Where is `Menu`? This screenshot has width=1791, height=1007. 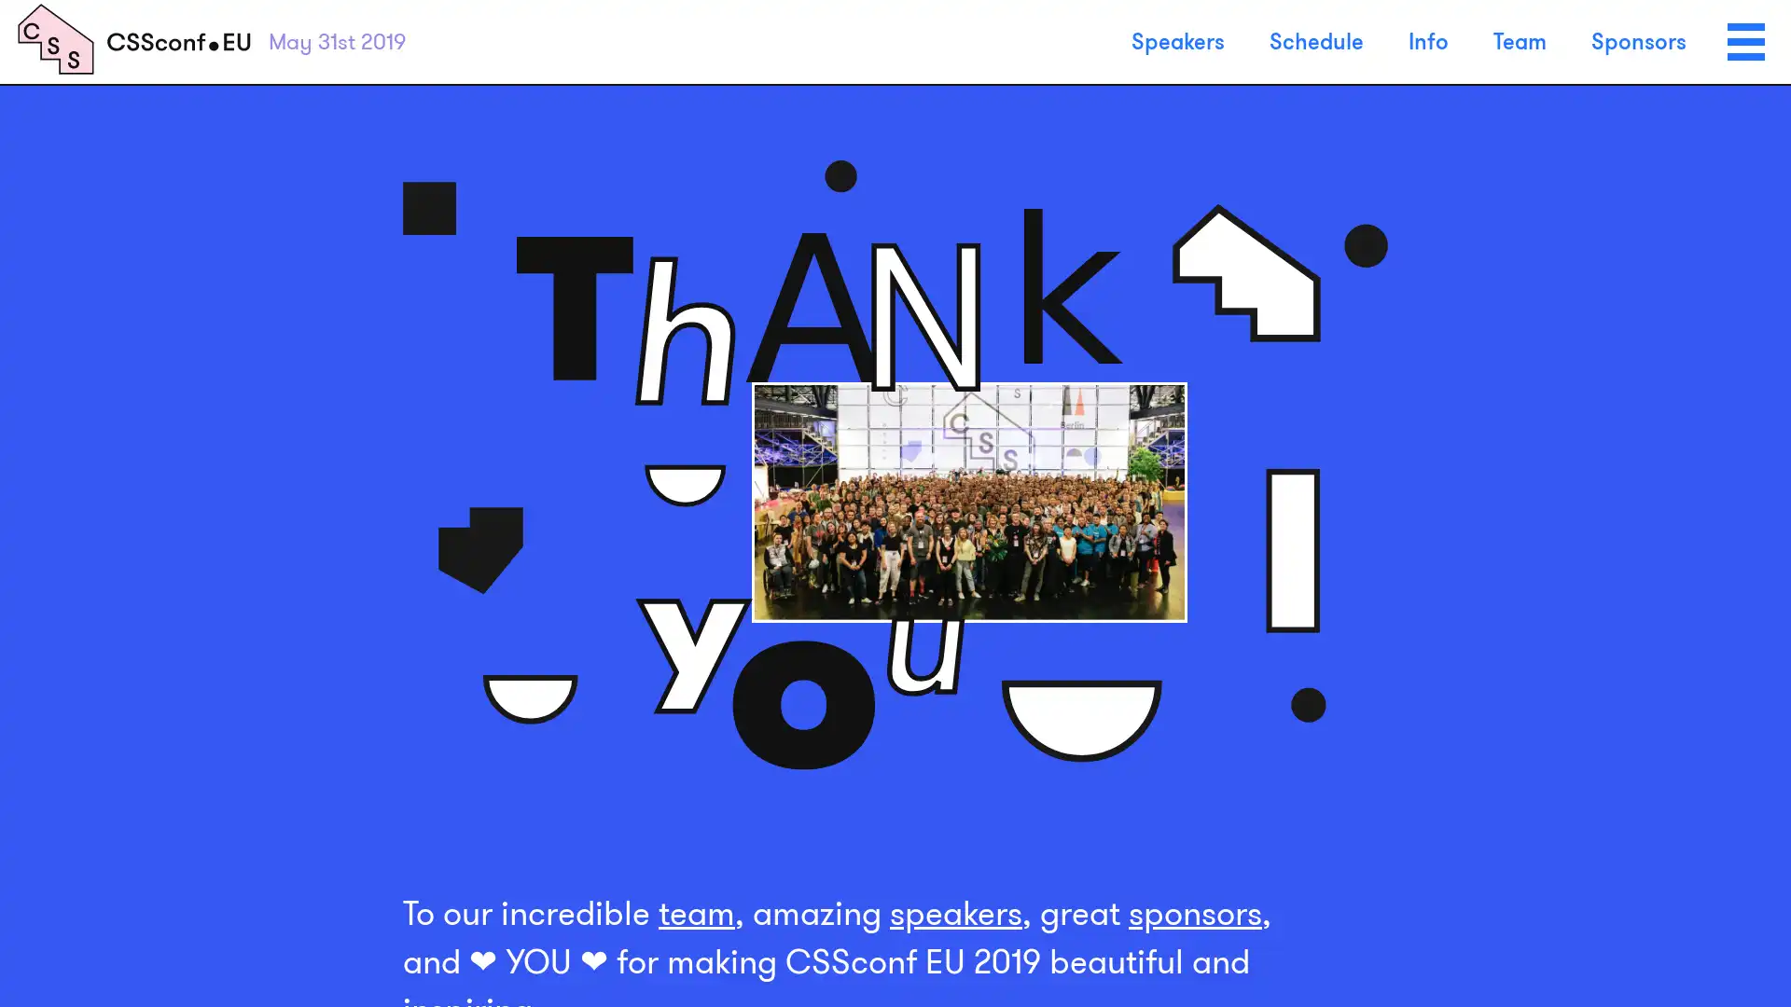
Menu is located at coordinates (1745, 42).